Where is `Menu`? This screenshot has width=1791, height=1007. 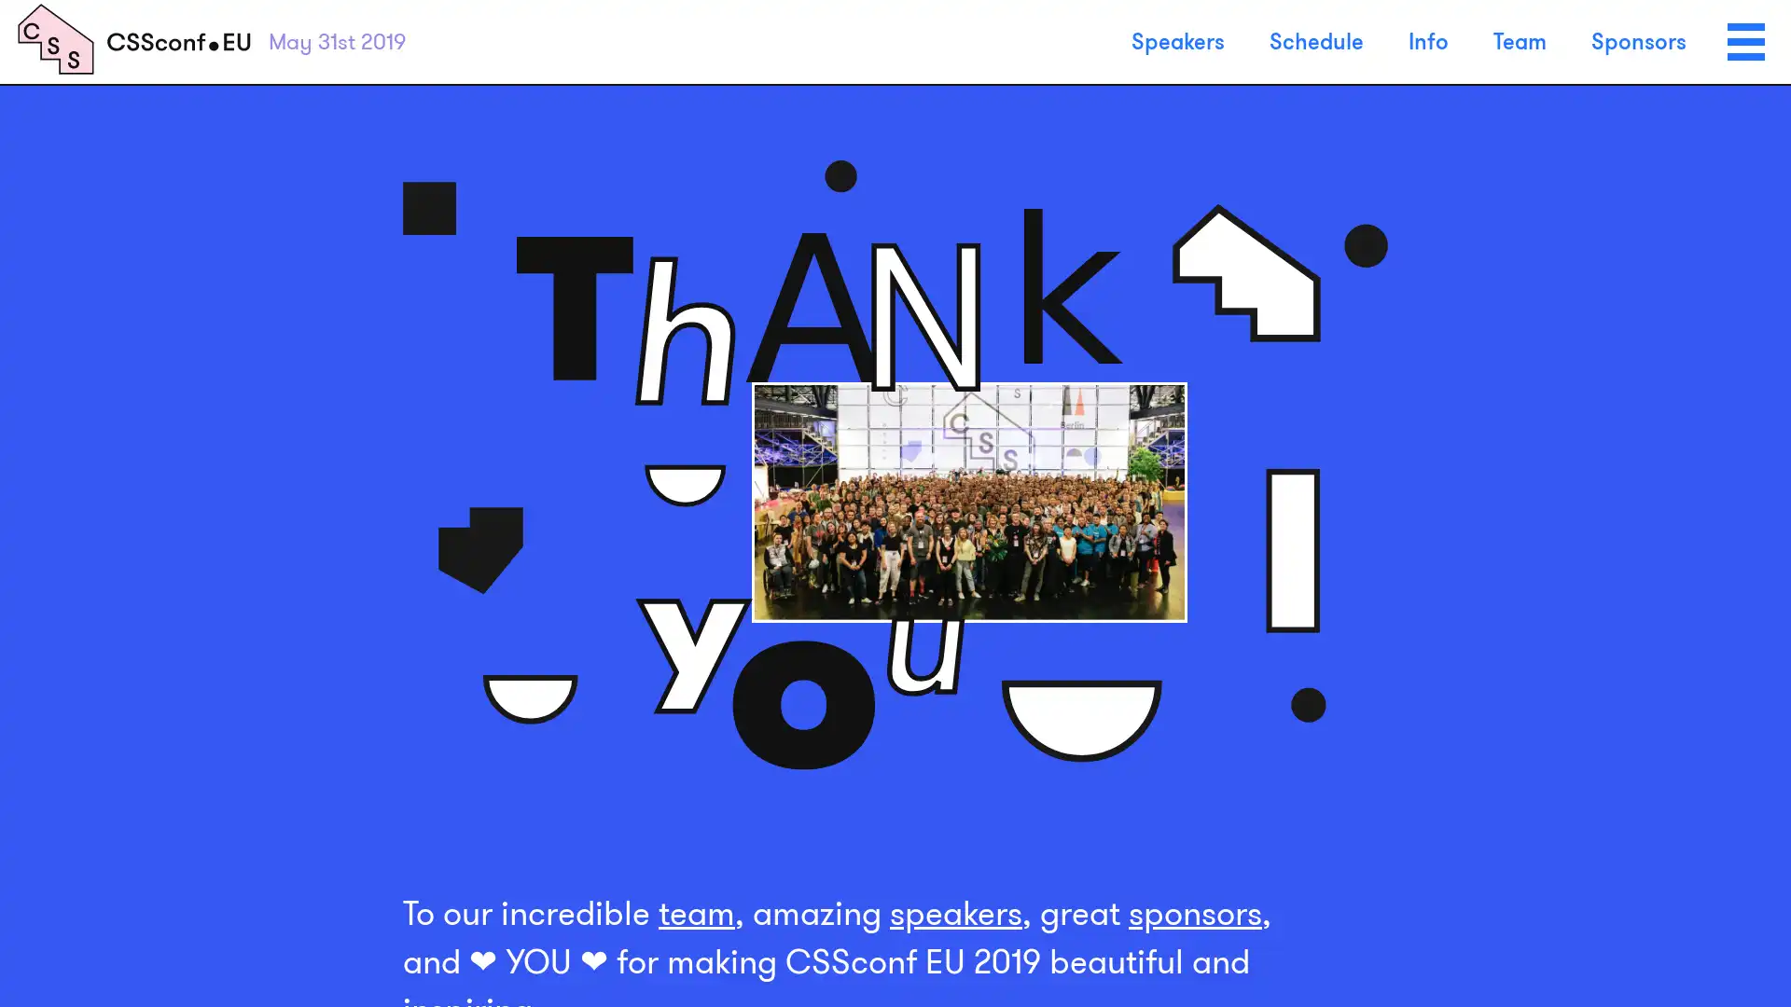
Menu is located at coordinates (1745, 42).